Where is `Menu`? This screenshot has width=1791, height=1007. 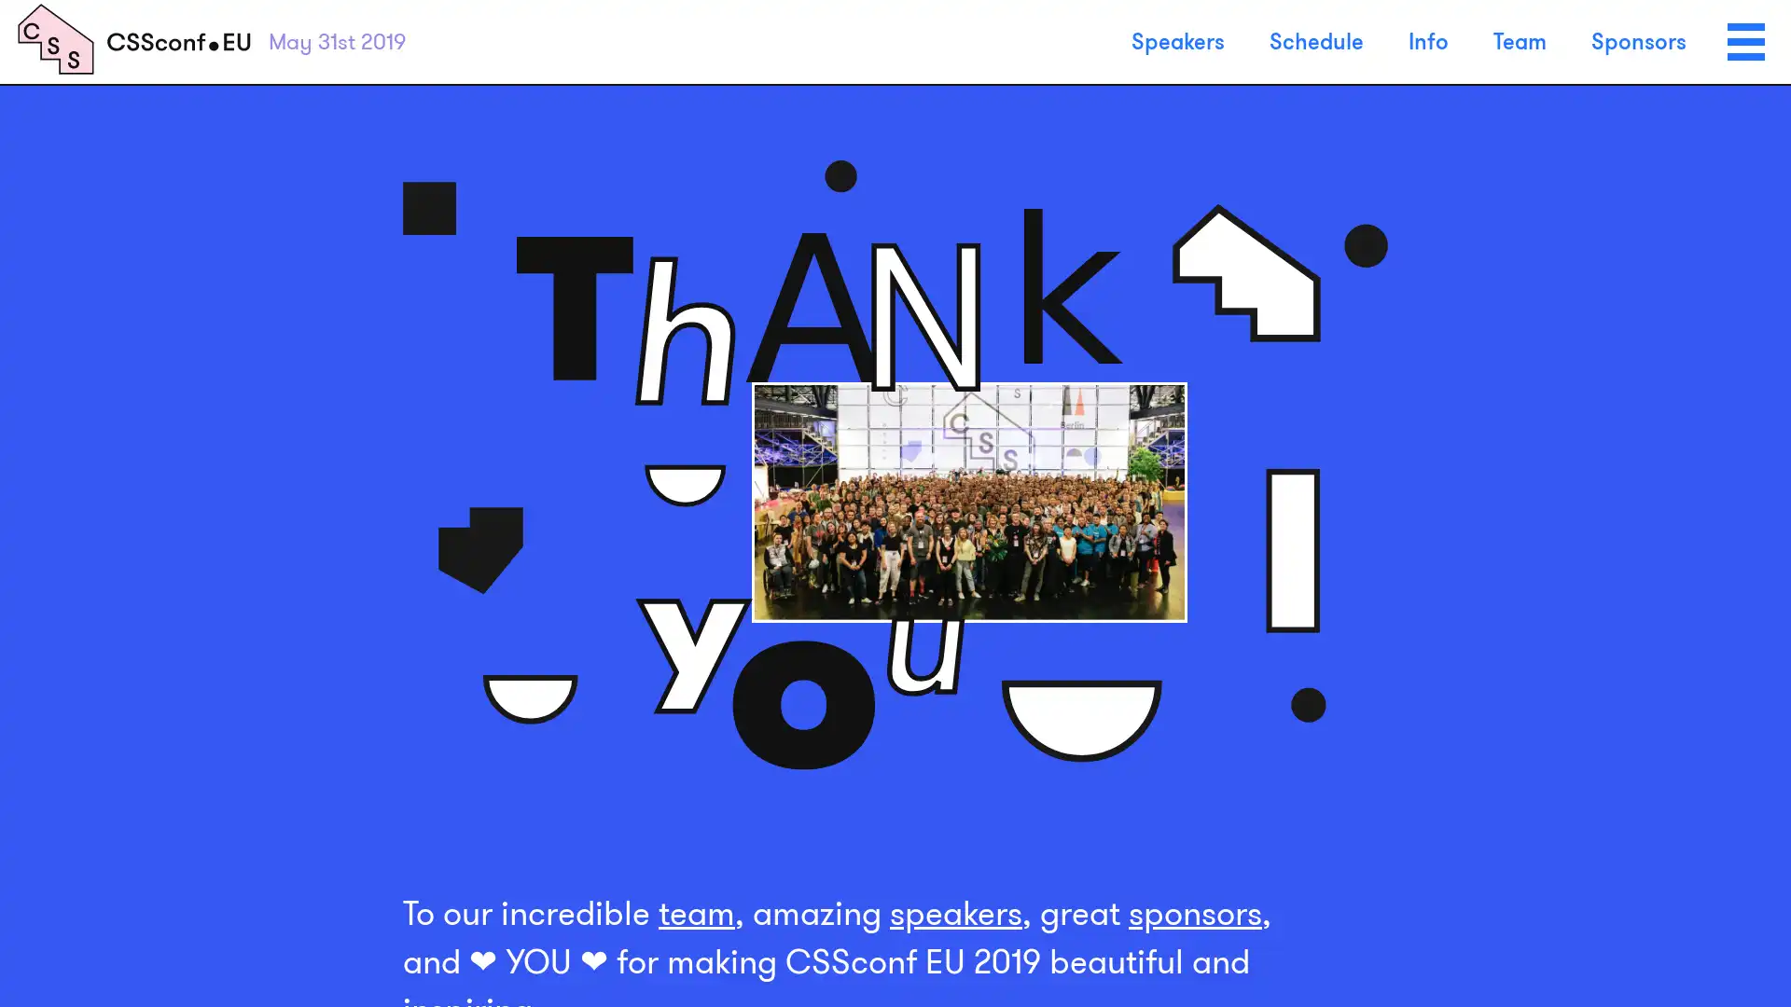
Menu is located at coordinates (1745, 42).